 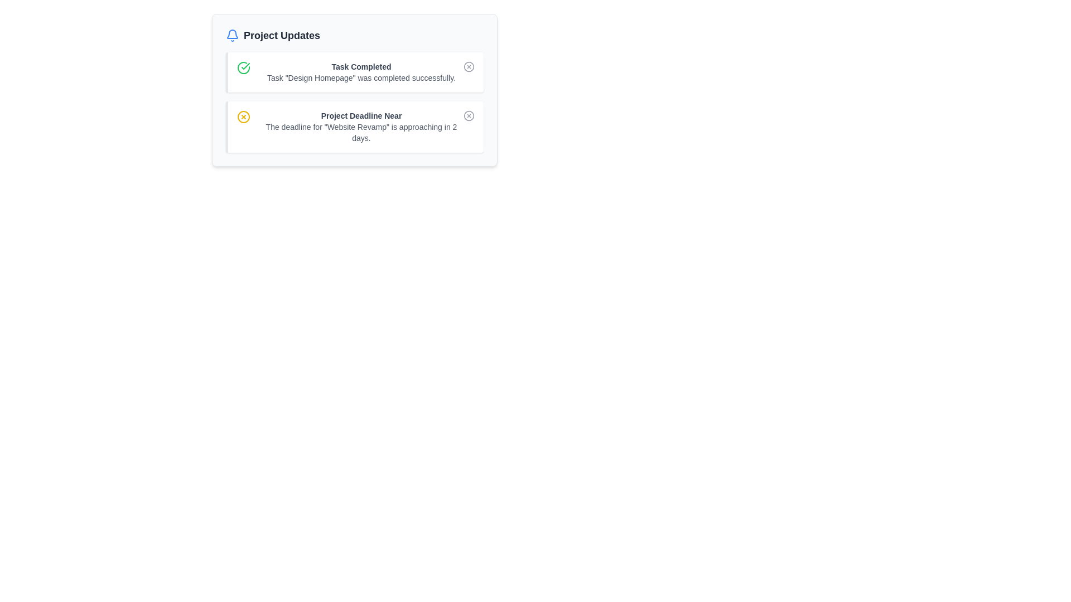 I want to click on the text element that reads 'The deadline for "Website Revamp" is approaching in 2 days.' located below the heading 'Project Deadline Near' in the 'Project Updates' section, so click(x=361, y=132).